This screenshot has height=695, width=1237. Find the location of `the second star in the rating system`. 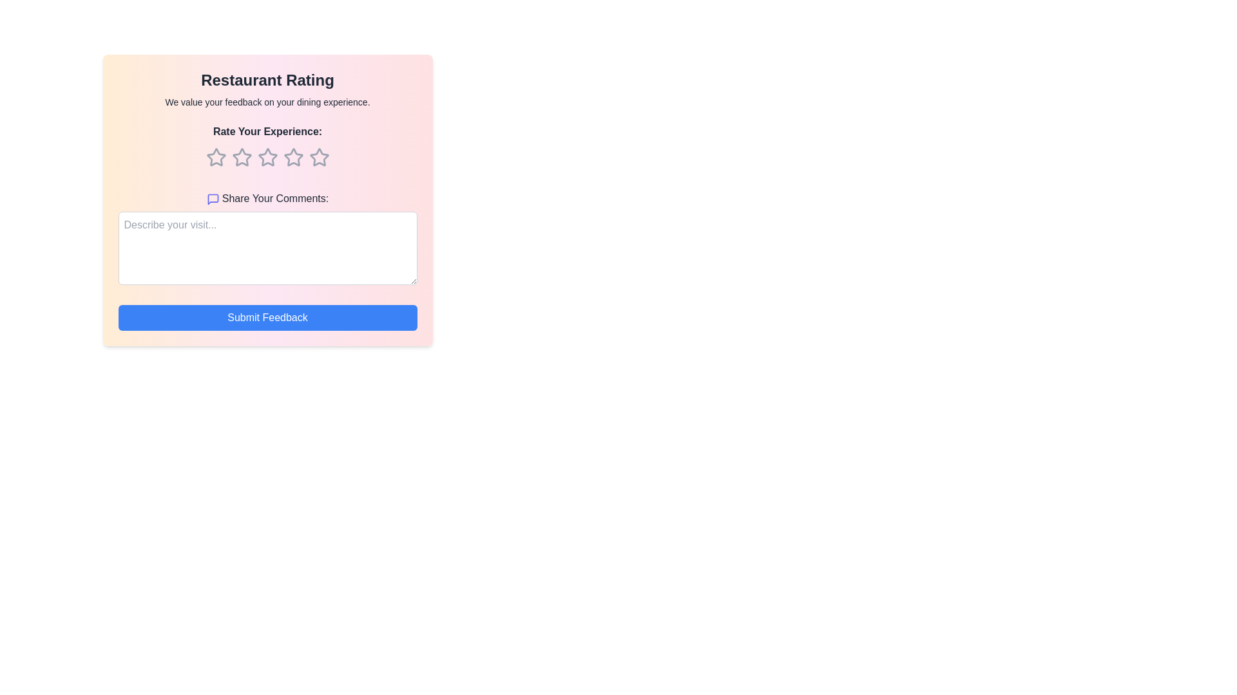

the second star in the rating system is located at coordinates (242, 157).